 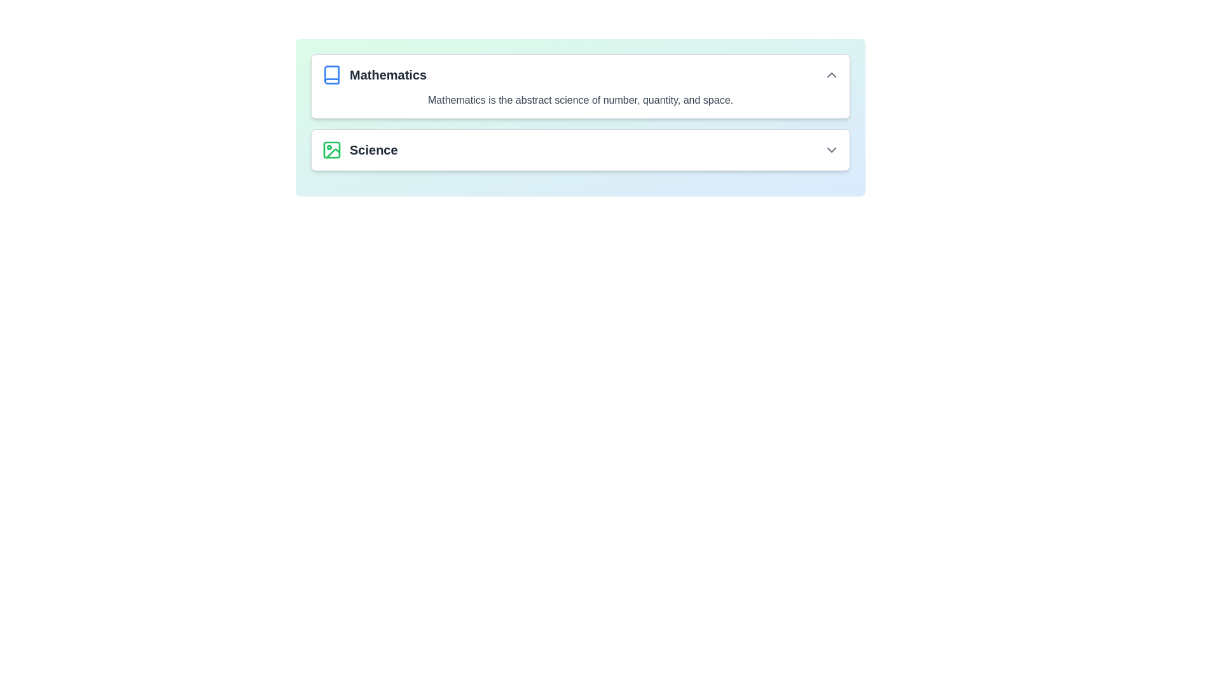 I want to click on the green photo frame icon next to the bold 'Science' text label, so click(x=359, y=149).